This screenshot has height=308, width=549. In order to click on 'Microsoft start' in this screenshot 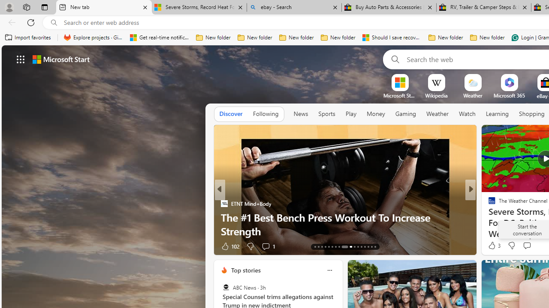, I will do `click(60, 59)`.